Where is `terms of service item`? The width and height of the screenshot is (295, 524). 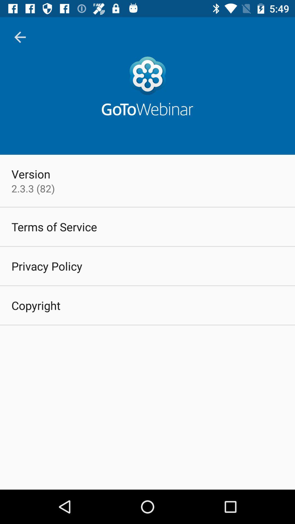
terms of service item is located at coordinates (54, 227).